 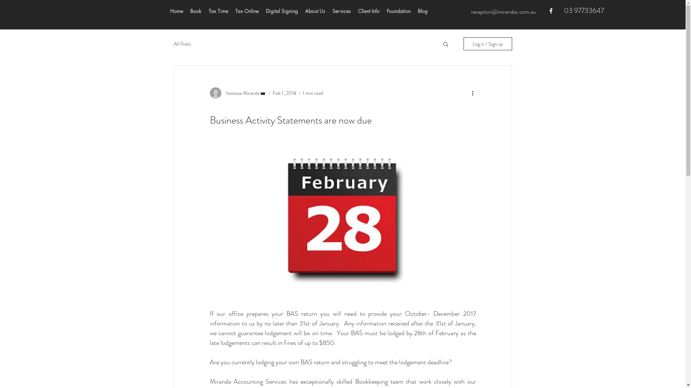 I want to click on 'Foundation', so click(x=398, y=11).